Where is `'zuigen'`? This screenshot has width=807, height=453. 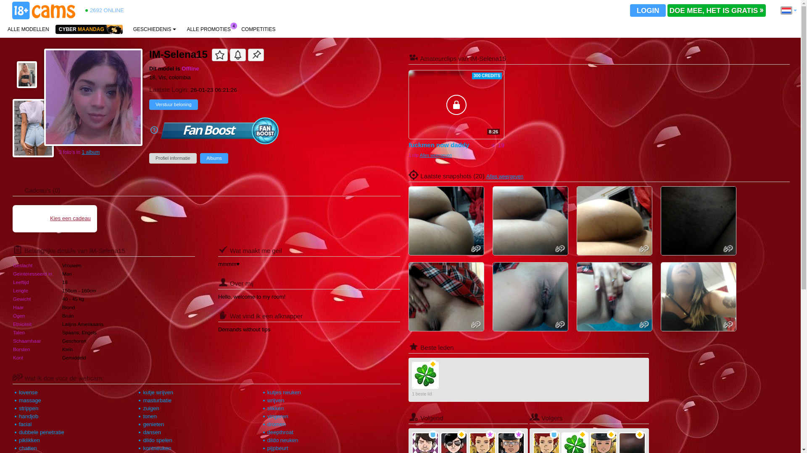 'zuigen' is located at coordinates (151, 408).